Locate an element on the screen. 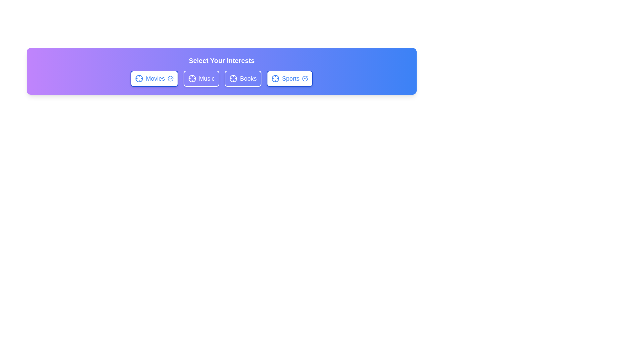 This screenshot has width=641, height=360. the chip labeled Movies to observe the hover effect is located at coordinates (154, 78).